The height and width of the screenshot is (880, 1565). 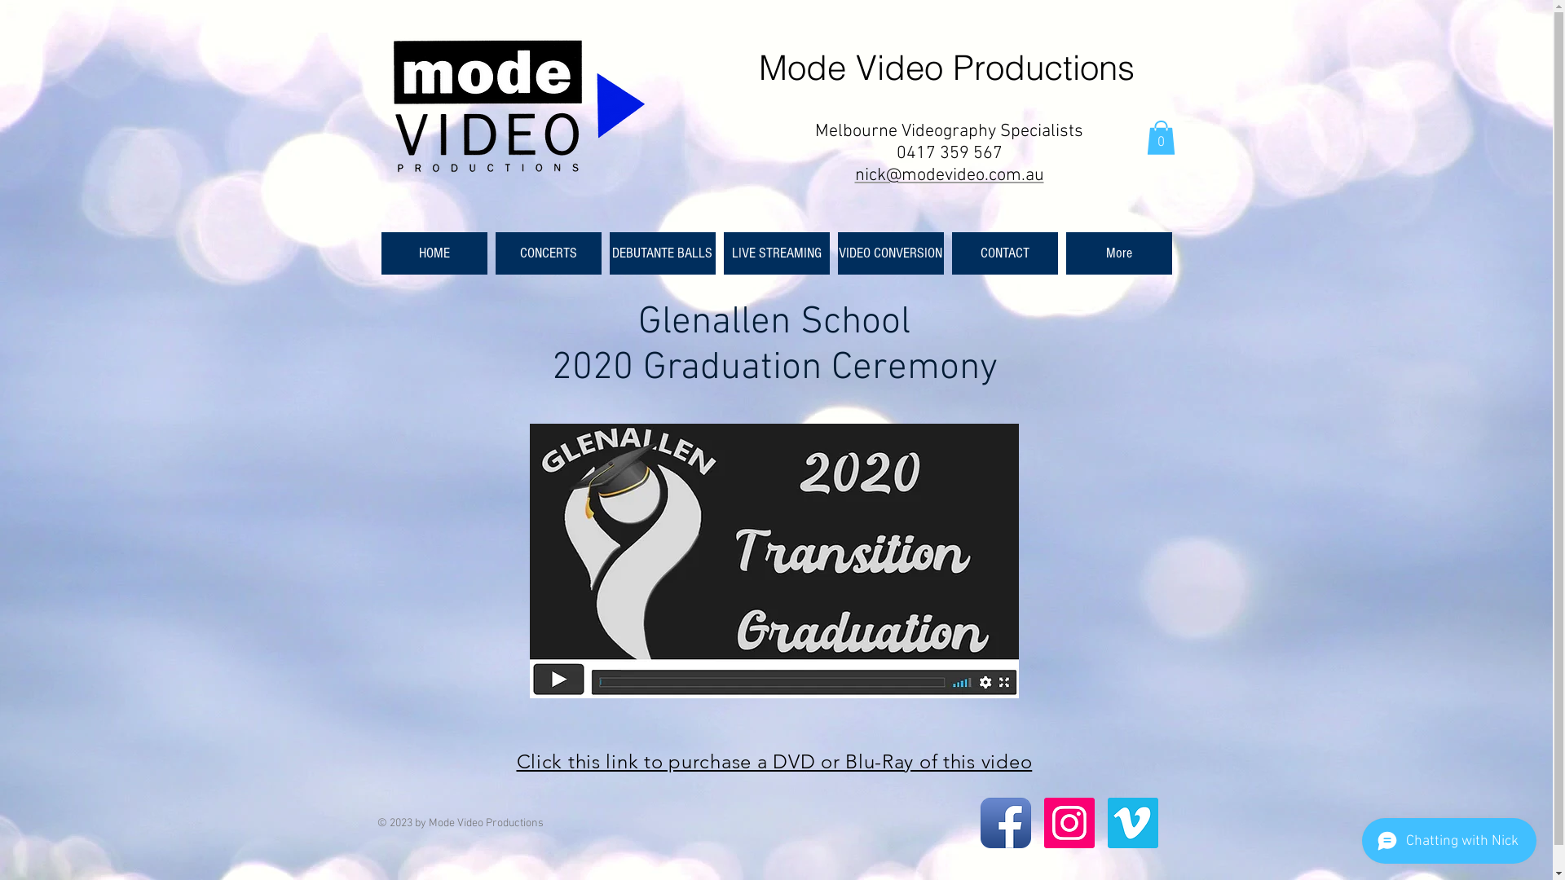 I want to click on 'nick@modevideo.com.au', so click(x=853, y=175).